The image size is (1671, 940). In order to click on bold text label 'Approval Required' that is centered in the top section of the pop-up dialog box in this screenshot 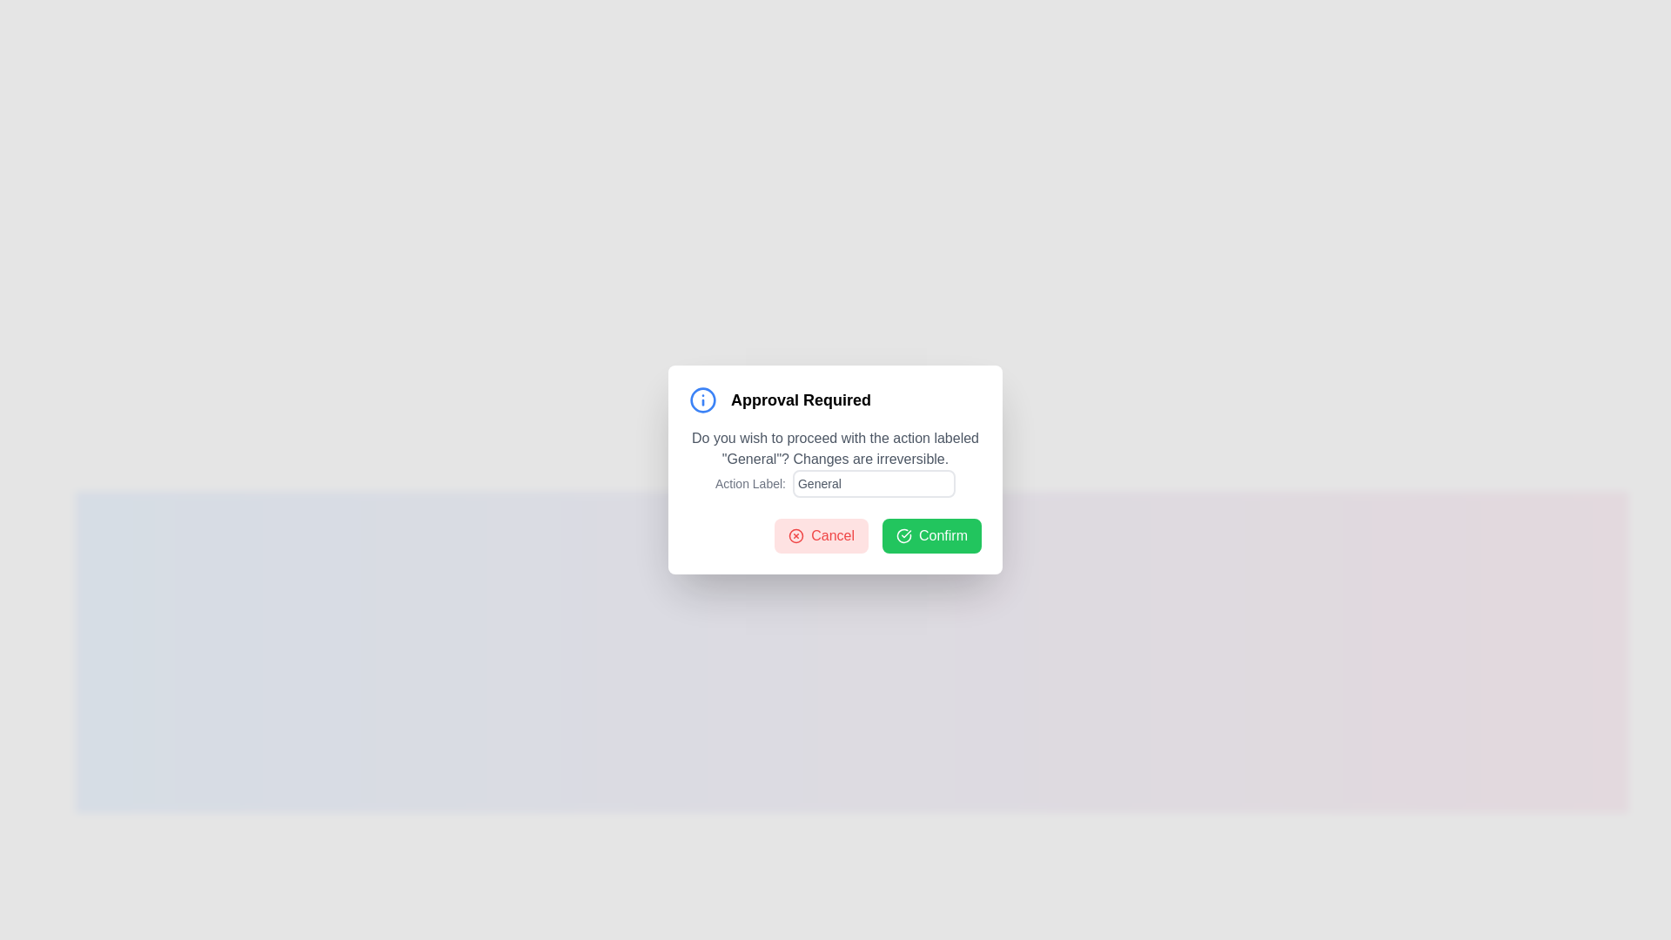, I will do `click(800, 399)`.